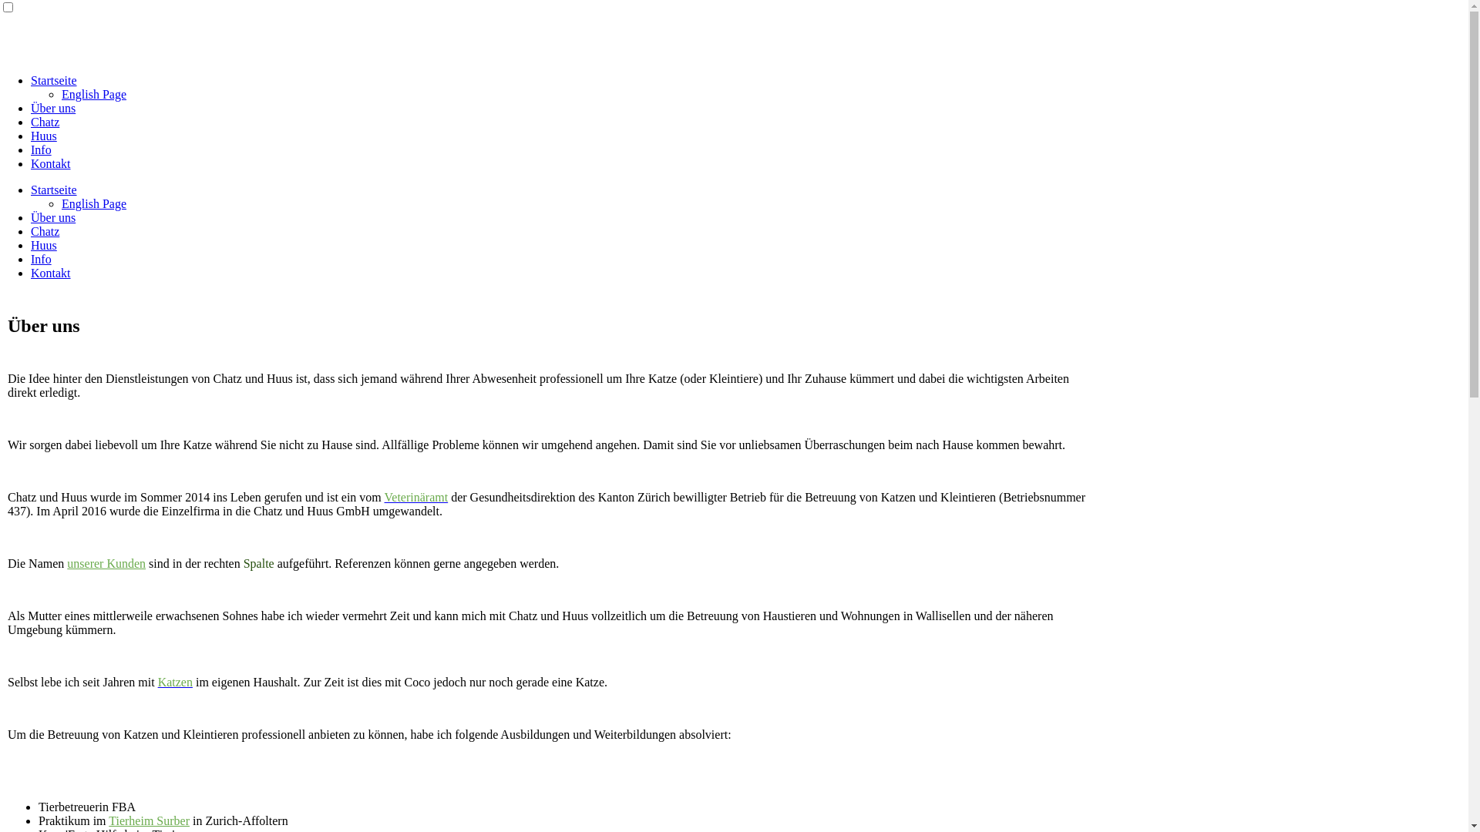 The height and width of the screenshot is (832, 1480). Describe the element at coordinates (51, 163) in the screenshot. I see `'Kontakt'` at that location.